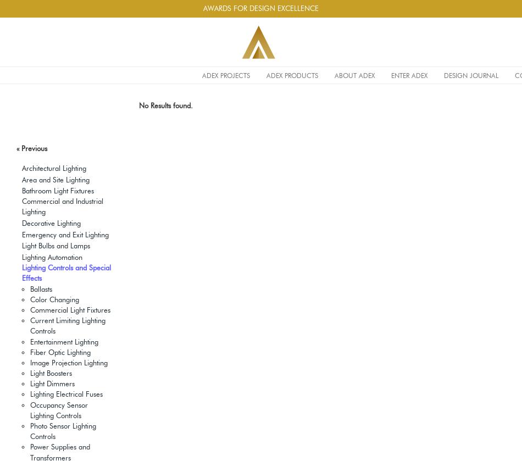 The width and height of the screenshot is (522, 461). I want to click on 'Light Boosters', so click(51, 373).